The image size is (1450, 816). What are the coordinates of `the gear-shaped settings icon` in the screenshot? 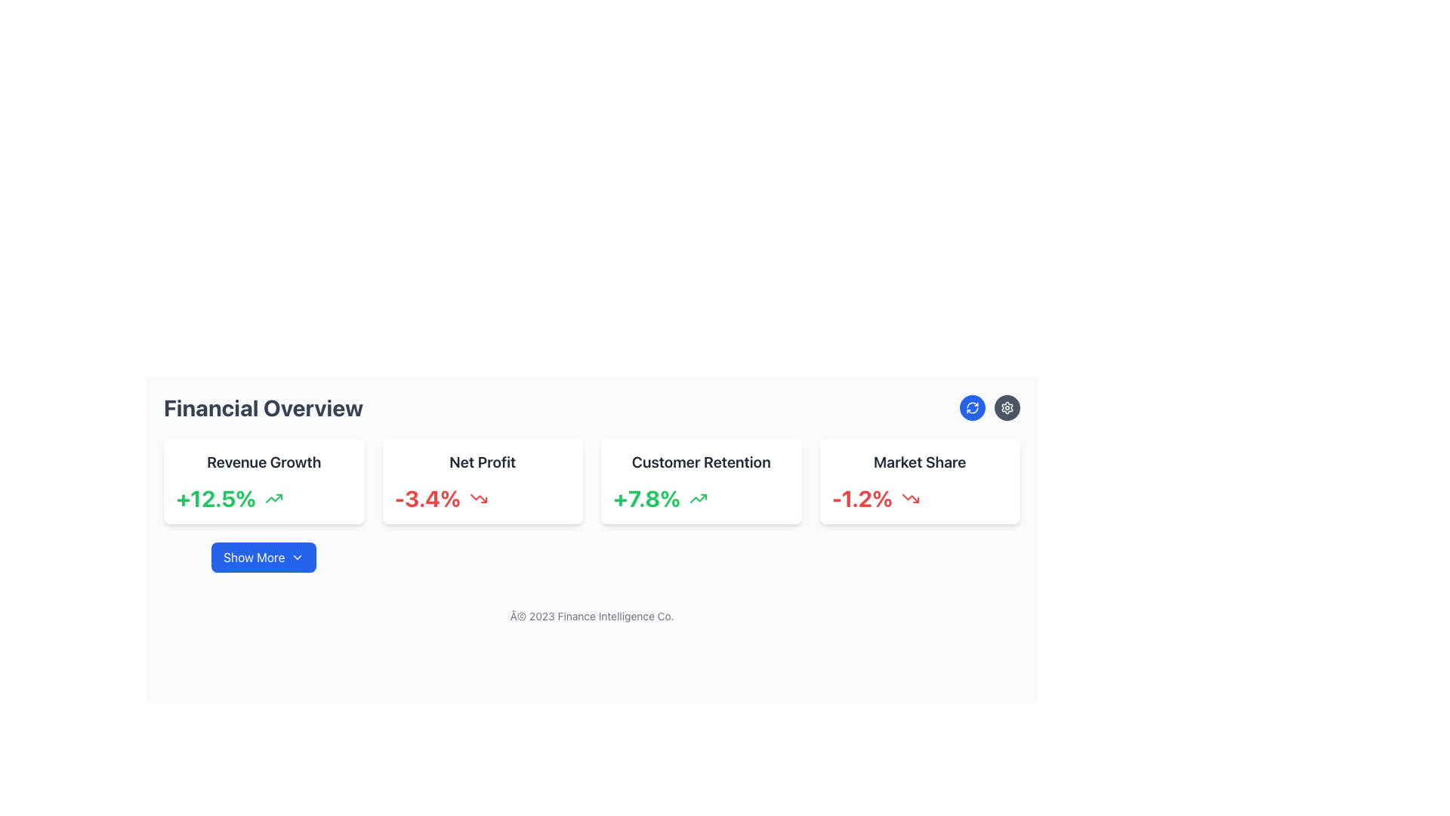 It's located at (1007, 408).